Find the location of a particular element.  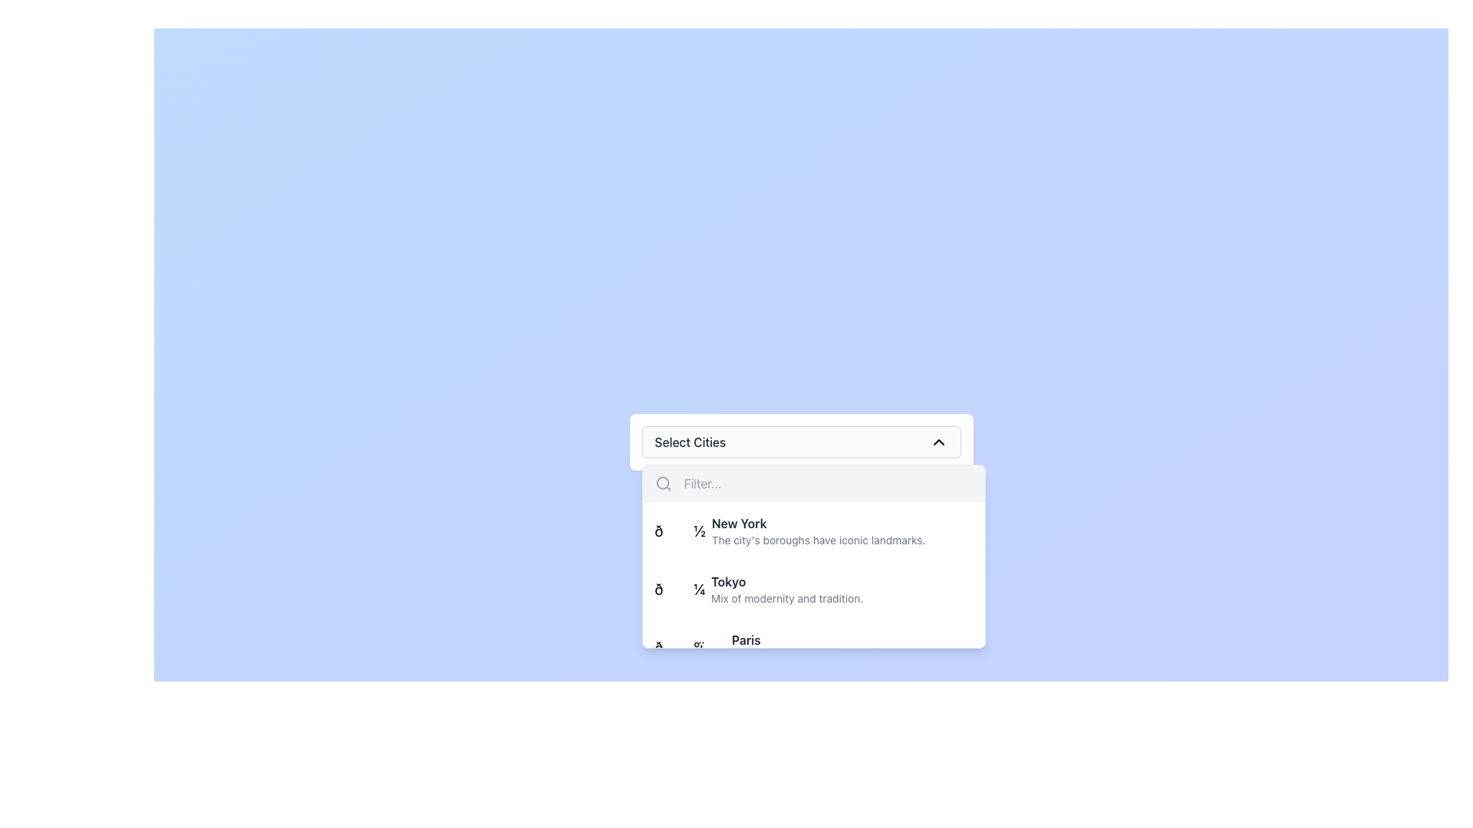

the 'Paris' label in the dropdown list under the 'Select Cities' header is located at coordinates (789, 647).